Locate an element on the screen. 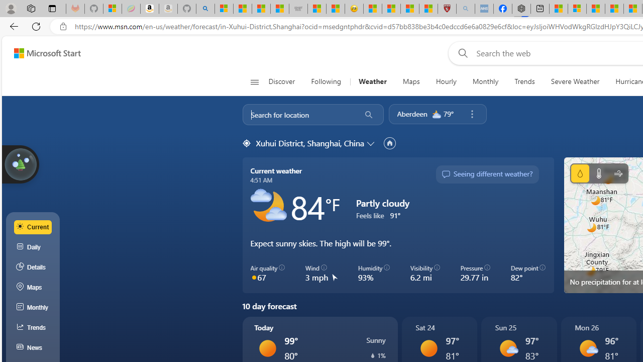 The width and height of the screenshot is (643, 362). 'Humidity 93%' is located at coordinates (373, 273).